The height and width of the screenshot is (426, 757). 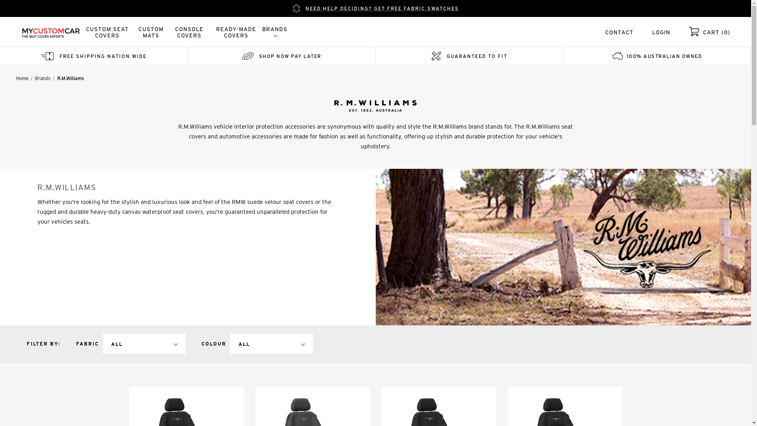 I want to click on 'CONSOLE COVERS', so click(x=189, y=32).